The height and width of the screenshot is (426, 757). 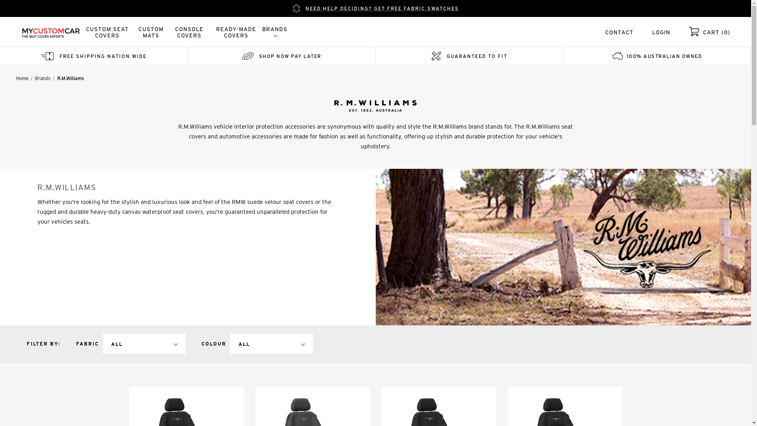 I want to click on 'CONSOLE COVERS', so click(x=189, y=32).